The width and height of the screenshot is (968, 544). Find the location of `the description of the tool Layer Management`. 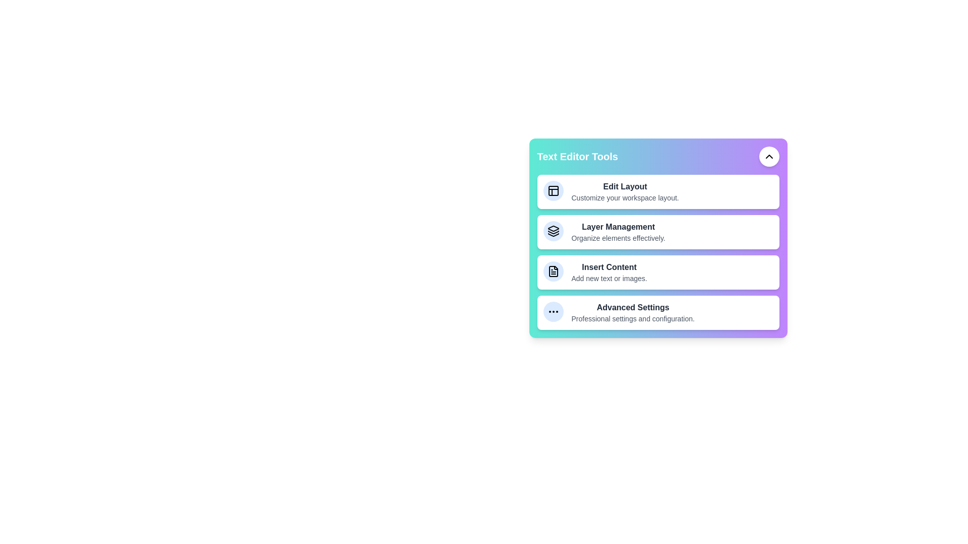

the description of the tool Layer Management is located at coordinates (605, 221).